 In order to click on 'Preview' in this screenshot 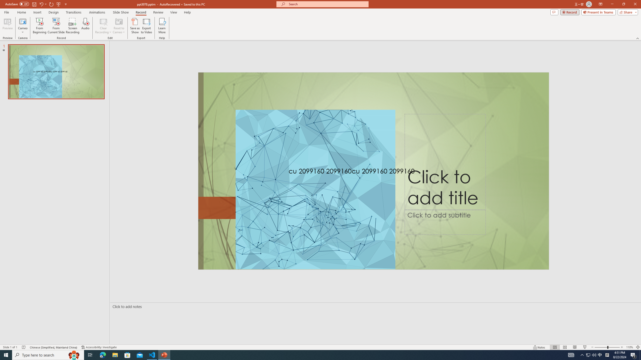, I will do `click(7, 26)`.